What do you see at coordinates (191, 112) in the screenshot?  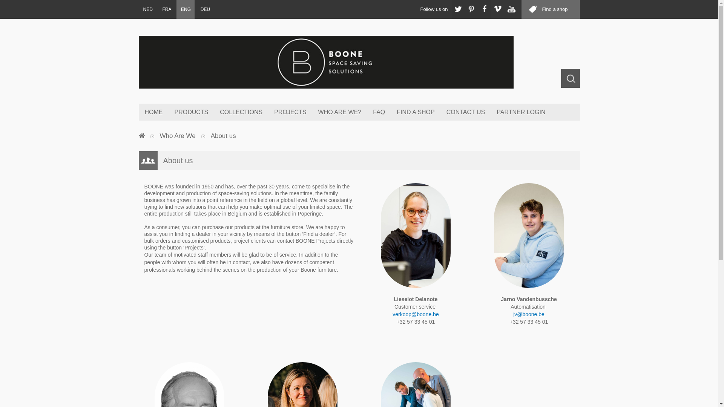 I see `'PRODUCTS'` at bounding box center [191, 112].